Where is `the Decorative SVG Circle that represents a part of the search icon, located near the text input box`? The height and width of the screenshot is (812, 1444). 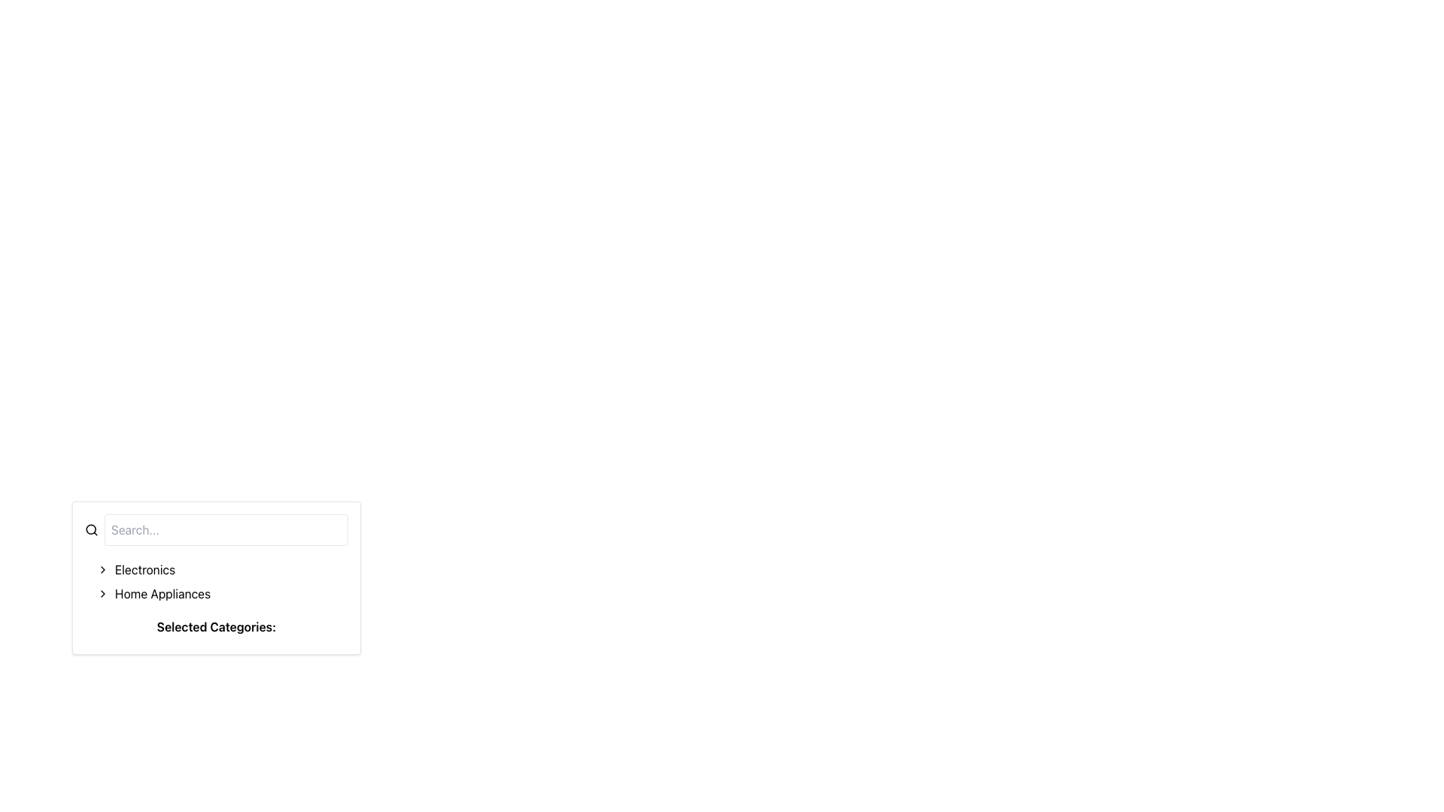
the Decorative SVG Circle that represents a part of the search icon, located near the text input box is located at coordinates (90, 529).